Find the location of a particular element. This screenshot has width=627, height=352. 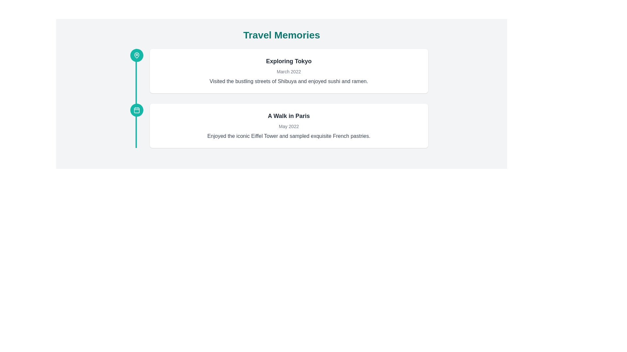

text content of the Descriptive List Entry titled 'A Walk in Paris', which includes the date 'May 2022' and the description about enjoying the Eiffel Tower and French pastries is located at coordinates (288, 125).